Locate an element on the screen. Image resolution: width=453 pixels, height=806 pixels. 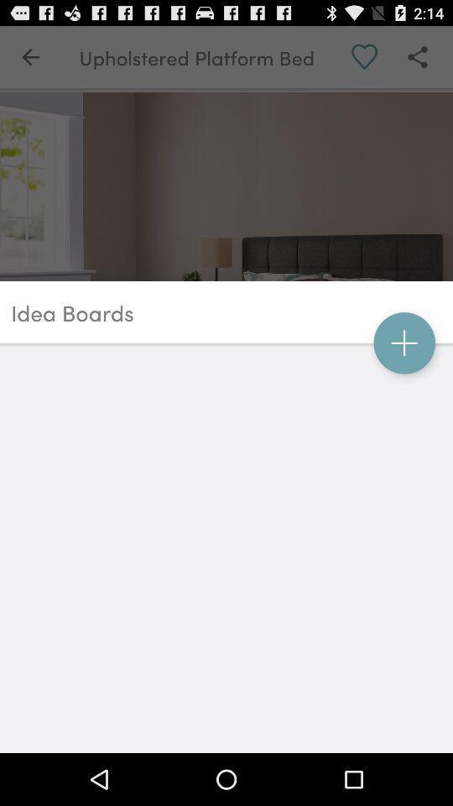
the add icon is located at coordinates (404, 367).